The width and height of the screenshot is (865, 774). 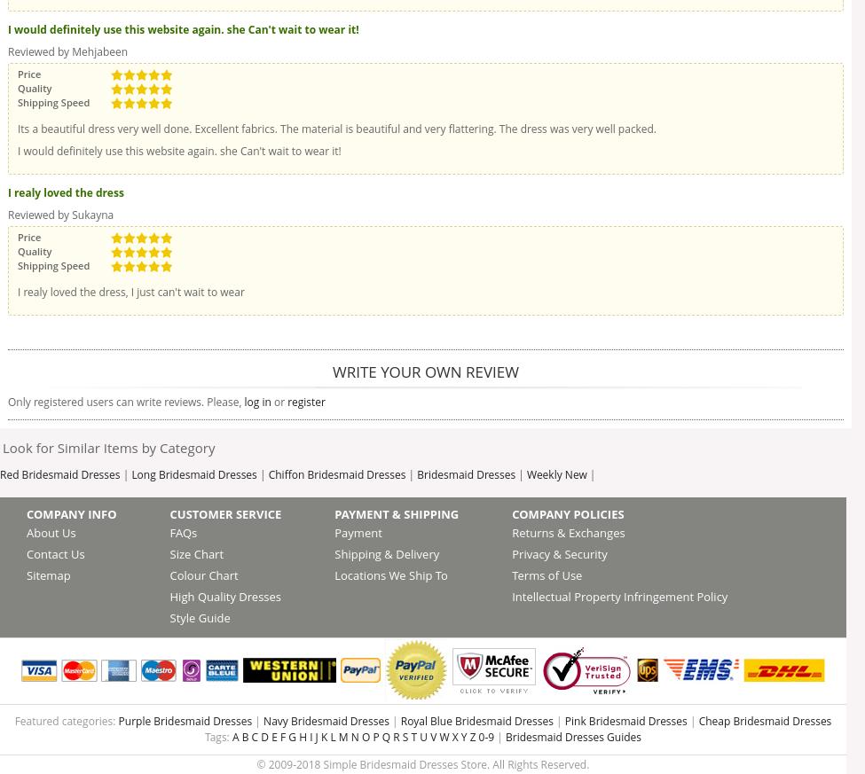 What do you see at coordinates (396, 737) in the screenshot?
I see `'R'` at bounding box center [396, 737].